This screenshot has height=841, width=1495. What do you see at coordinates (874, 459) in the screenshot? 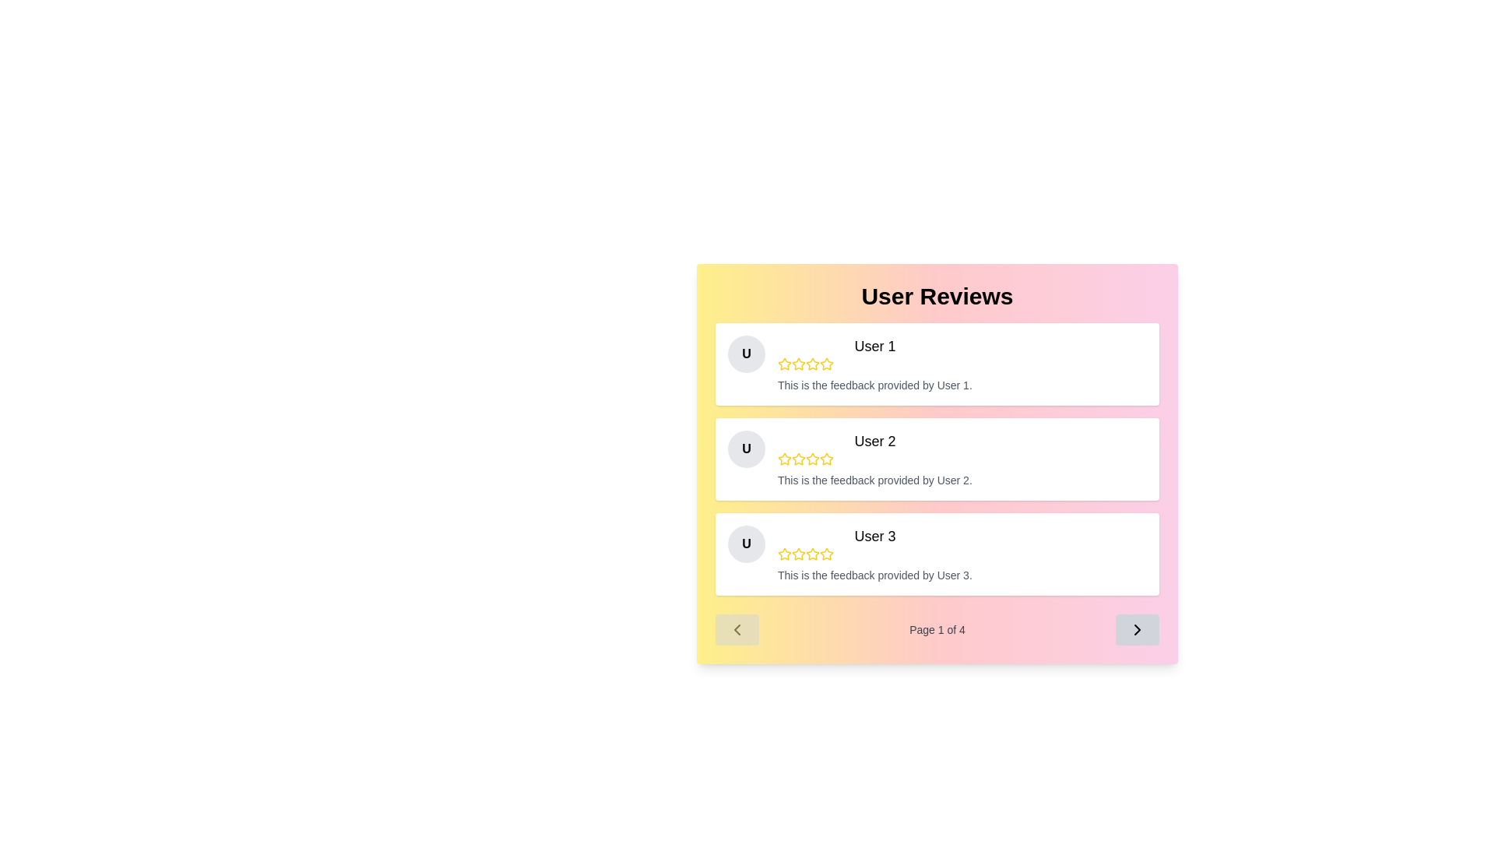
I see `the Rating Stars element` at bounding box center [874, 459].